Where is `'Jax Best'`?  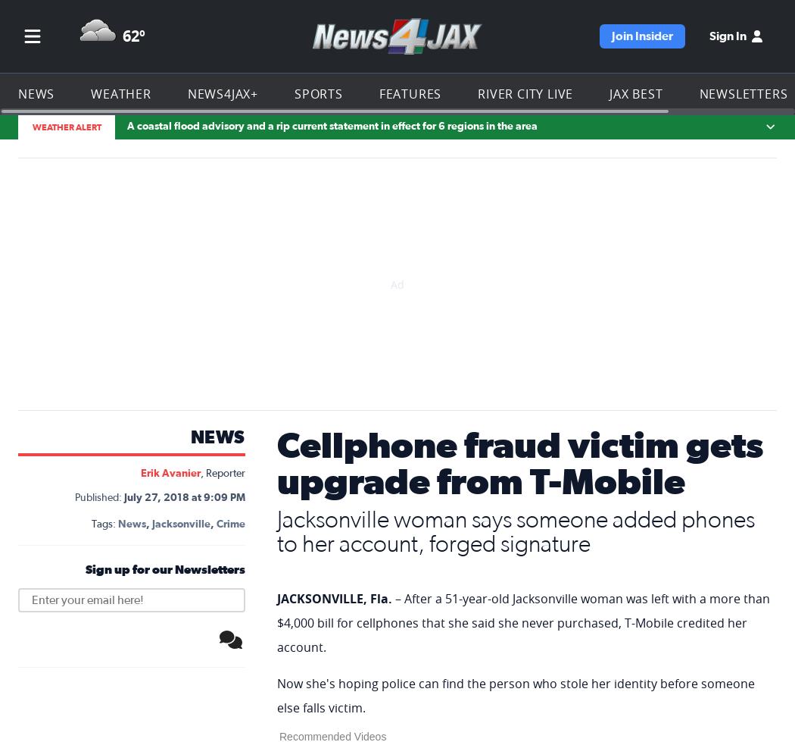 'Jax Best' is located at coordinates (621, 20).